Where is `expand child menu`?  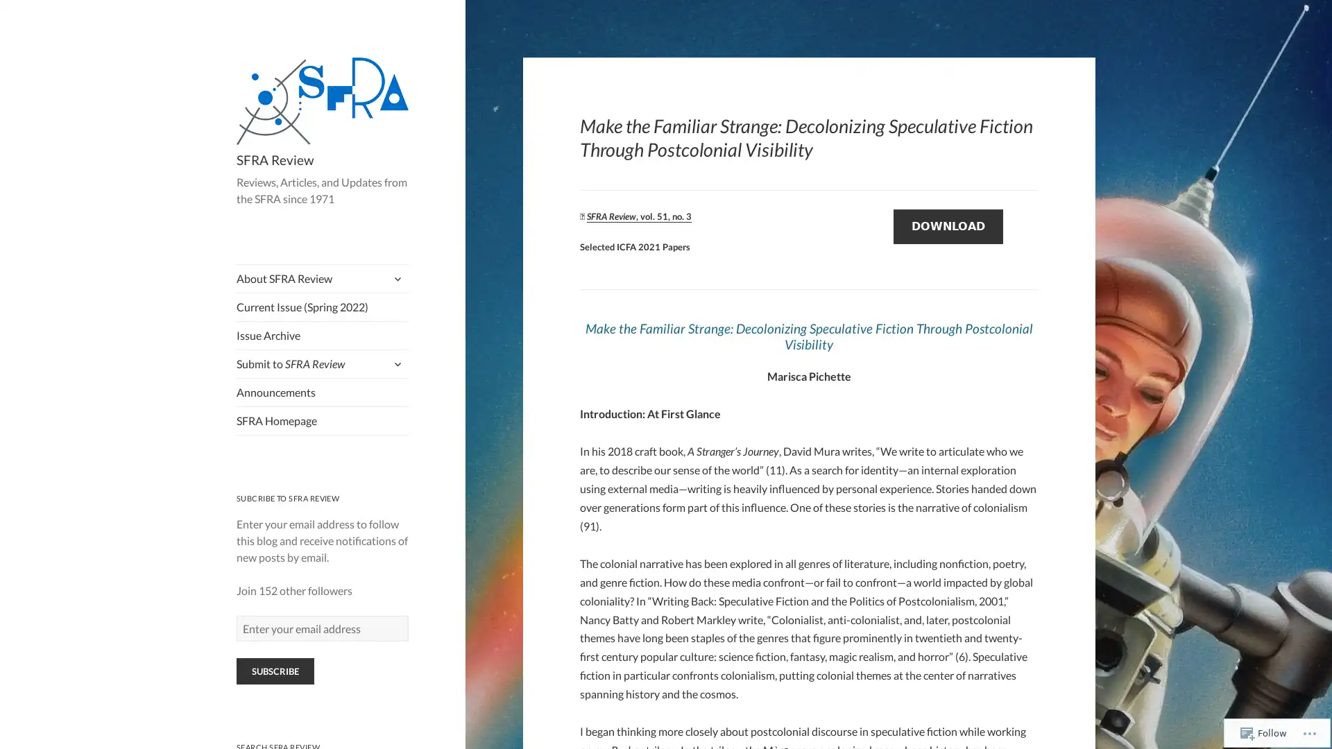 expand child menu is located at coordinates (395, 363).